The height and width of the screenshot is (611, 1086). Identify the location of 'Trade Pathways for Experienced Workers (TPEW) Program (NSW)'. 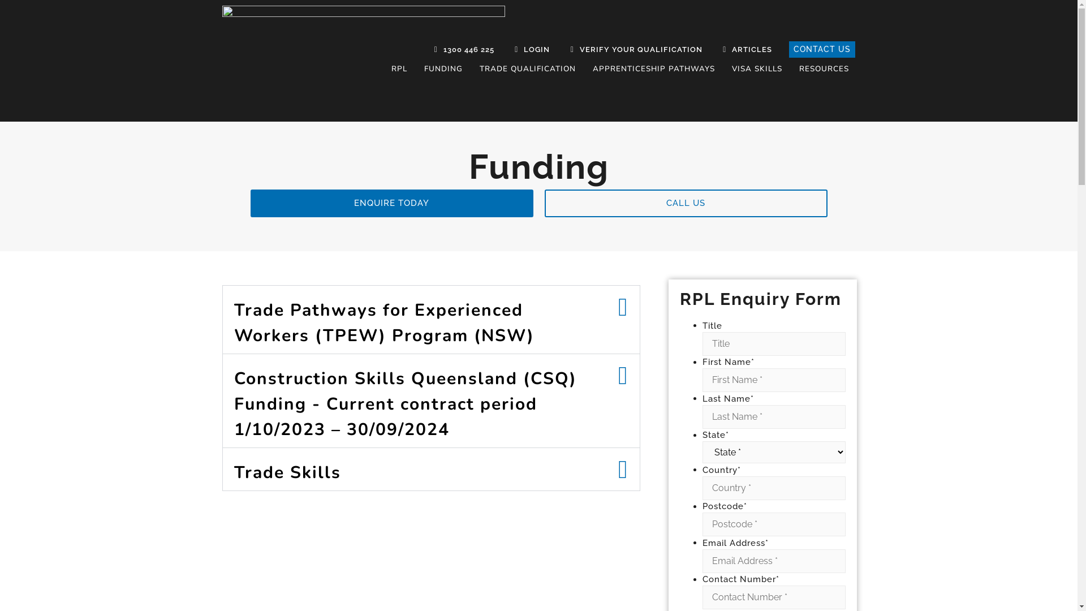
(384, 322).